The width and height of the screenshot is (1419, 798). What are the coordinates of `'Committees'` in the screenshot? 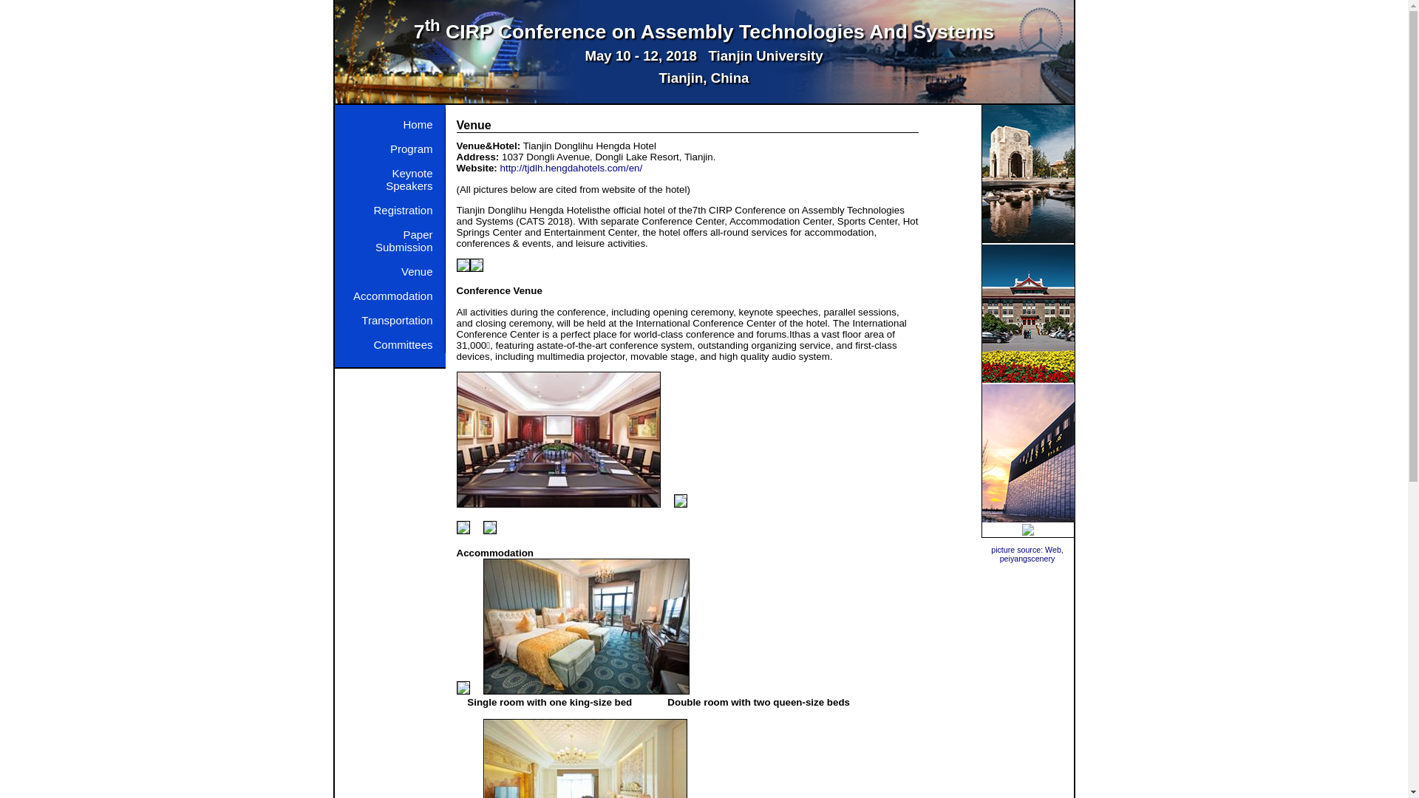 It's located at (389, 341).